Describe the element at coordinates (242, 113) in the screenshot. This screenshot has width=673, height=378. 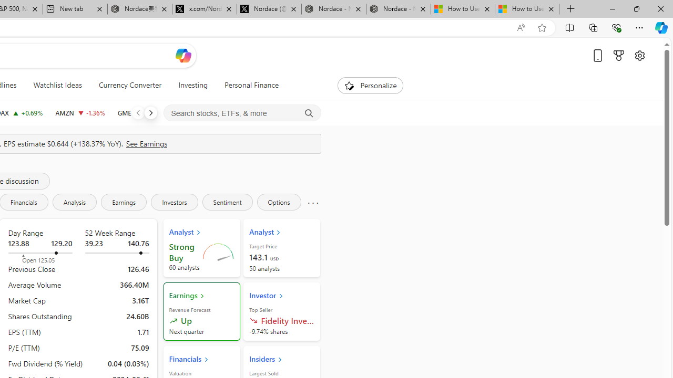
I see `'Search stocks, ETFs, & more'` at that location.